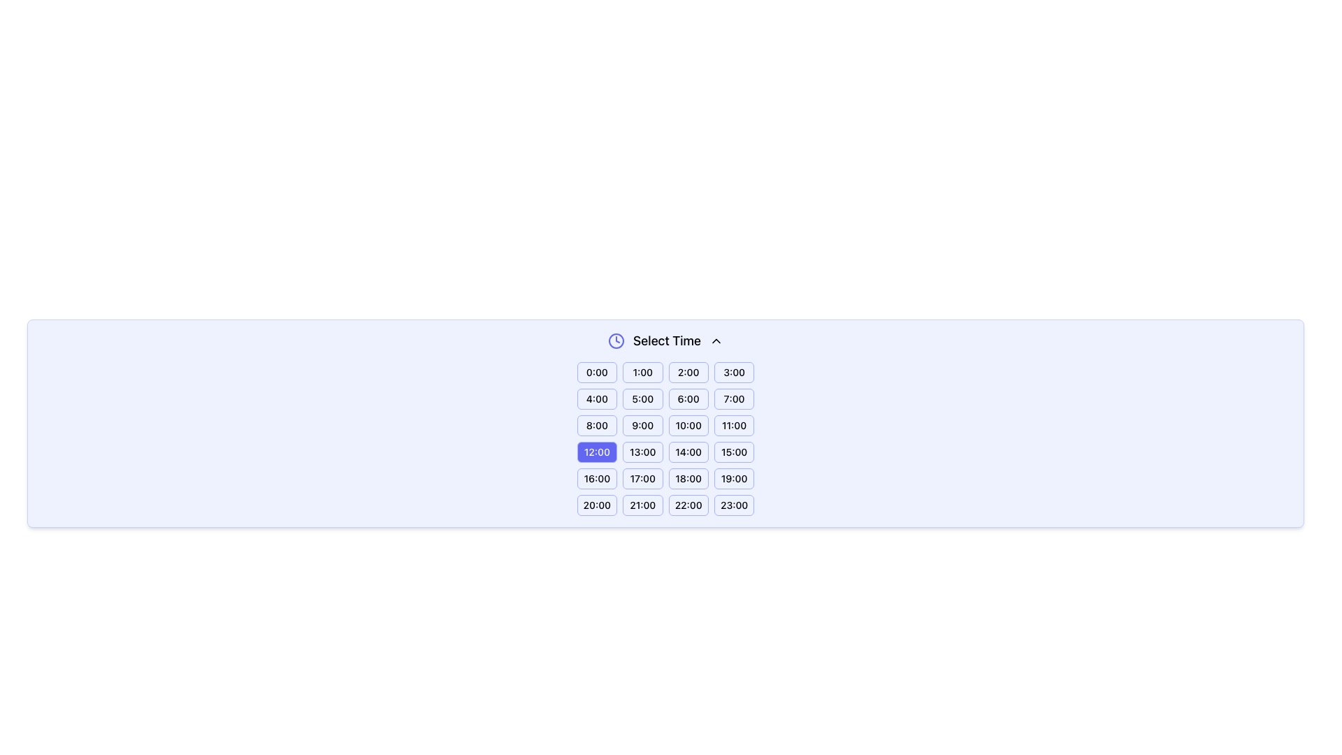 The image size is (1342, 755). What do you see at coordinates (642, 452) in the screenshot?
I see `the '13:00' time selection button` at bounding box center [642, 452].